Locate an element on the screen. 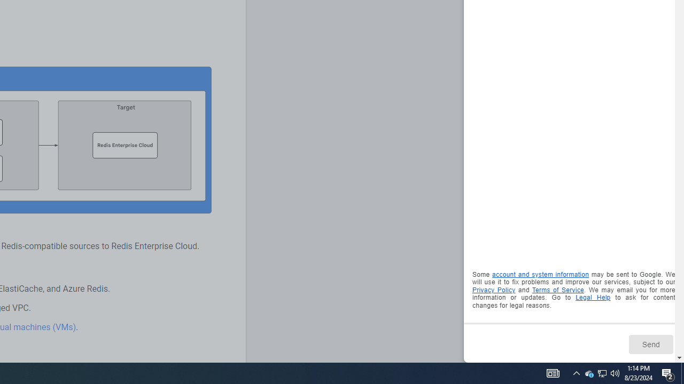 The image size is (684, 384). 'Send' is located at coordinates (650, 344).